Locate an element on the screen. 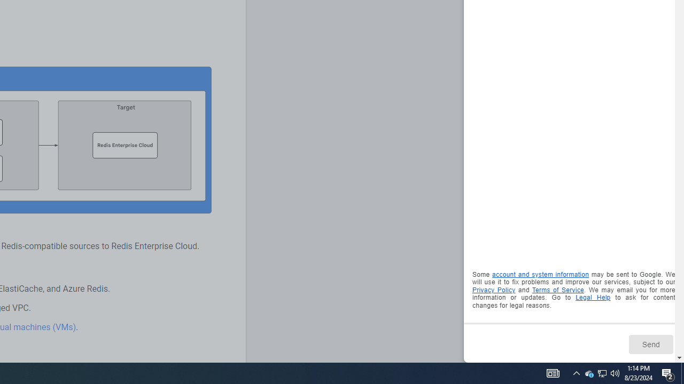 The image size is (684, 384). 'Send' is located at coordinates (650, 344).